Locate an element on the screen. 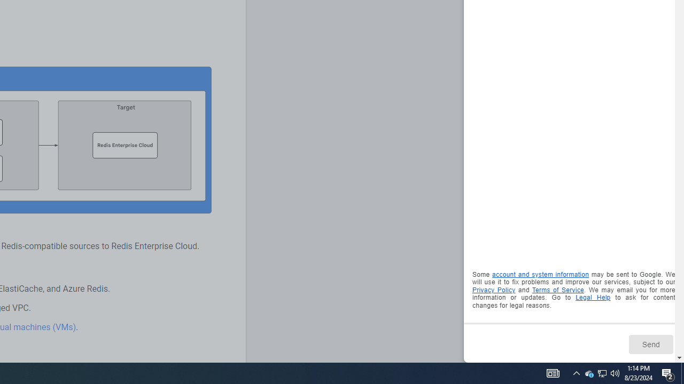 The image size is (684, 384). 'Send' is located at coordinates (650, 344).